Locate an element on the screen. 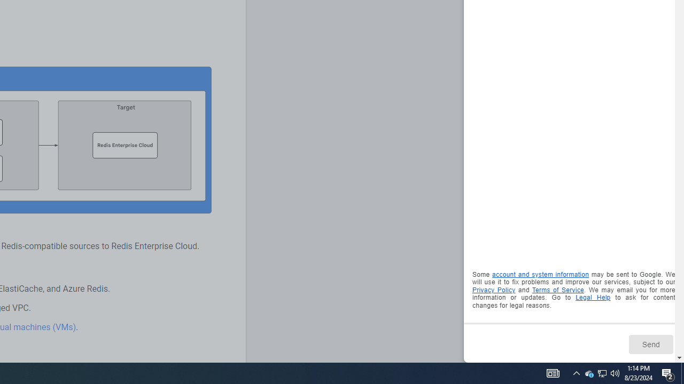 The image size is (684, 384). 'Send' is located at coordinates (650, 344).